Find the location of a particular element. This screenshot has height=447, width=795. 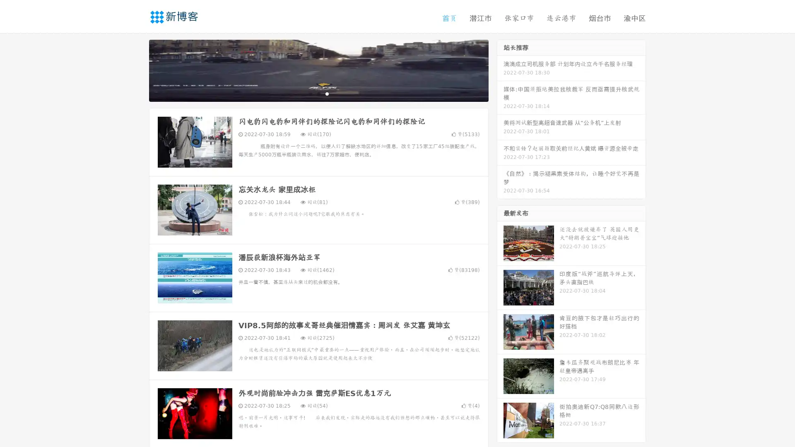

Go to slide 2 is located at coordinates (318, 93).